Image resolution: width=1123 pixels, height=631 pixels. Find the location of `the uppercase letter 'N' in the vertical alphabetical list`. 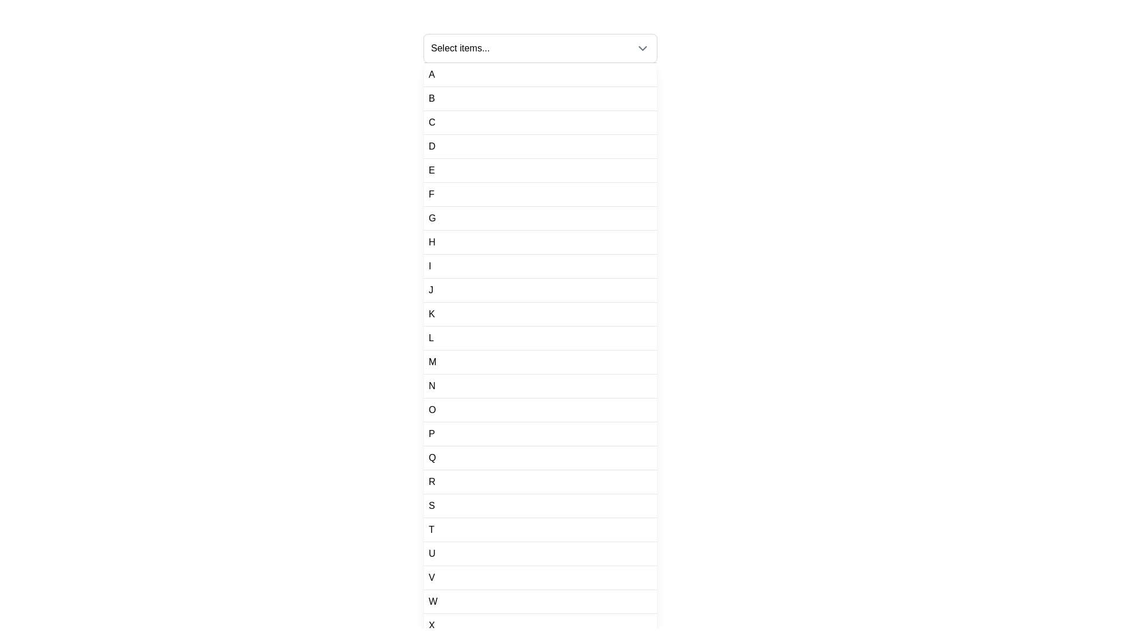

the uppercase letter 'N' in the vertical alphabetical list is located at coordinates (431, 386).